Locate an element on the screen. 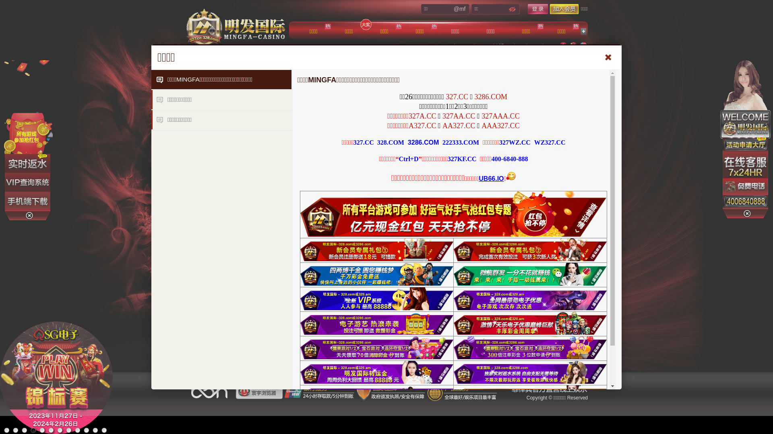 The image size is (773, 434). 'English' is located at coordinates (583, 46).